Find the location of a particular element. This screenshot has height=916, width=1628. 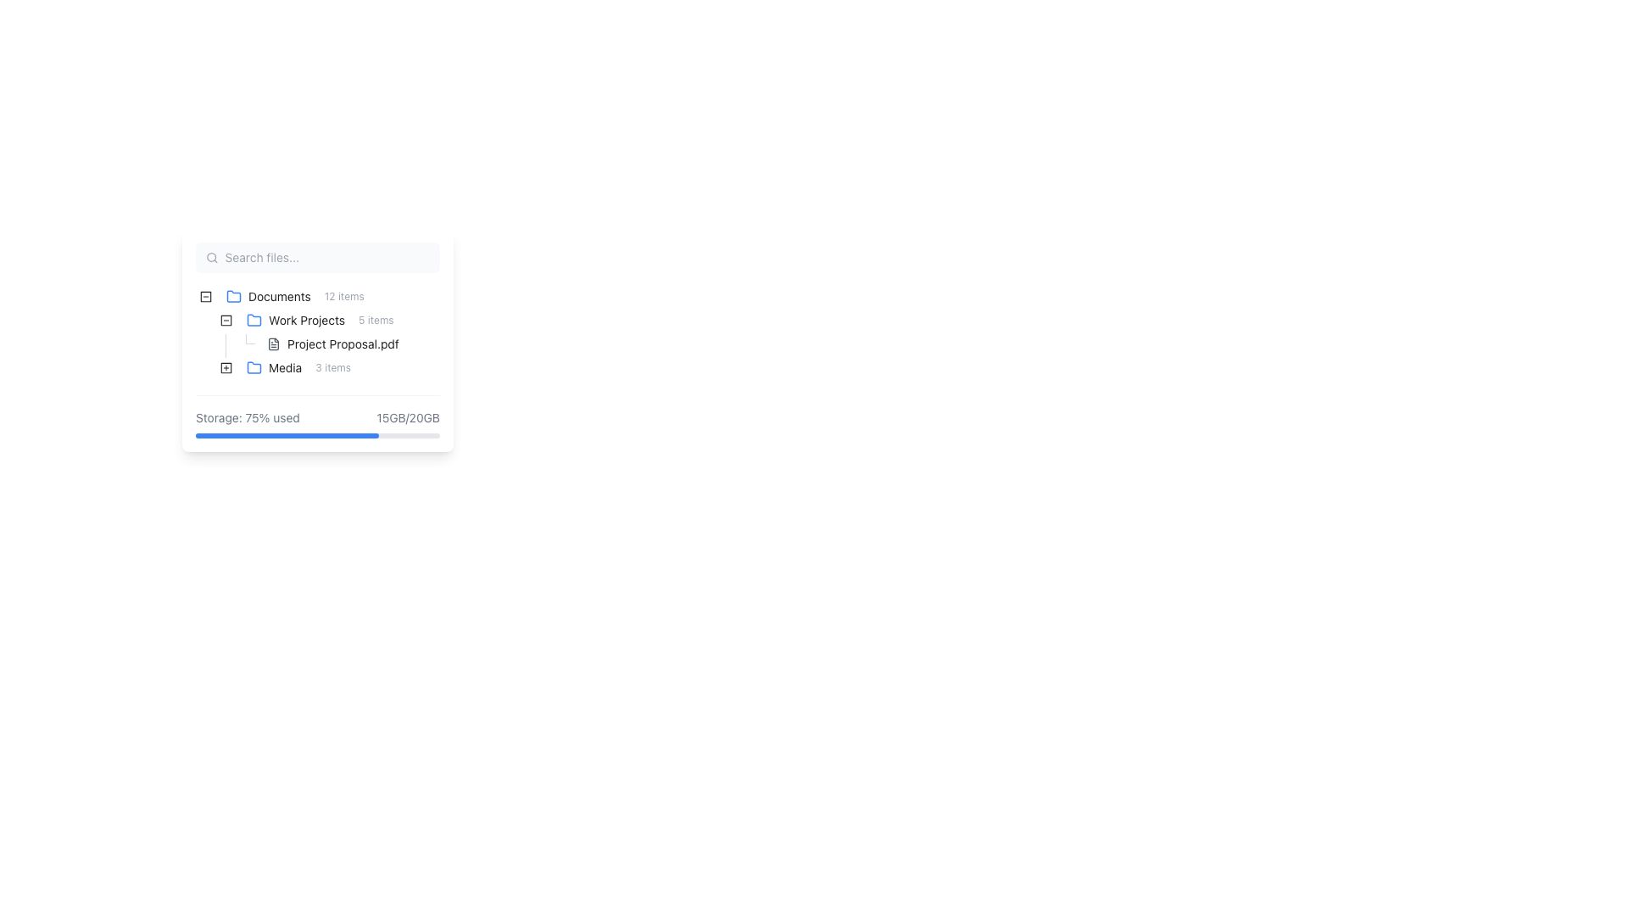

the progress bar segment that visually represents the used storage space, indicated by the label 'Storage: 75% used' is located at coordinates (287, 434).